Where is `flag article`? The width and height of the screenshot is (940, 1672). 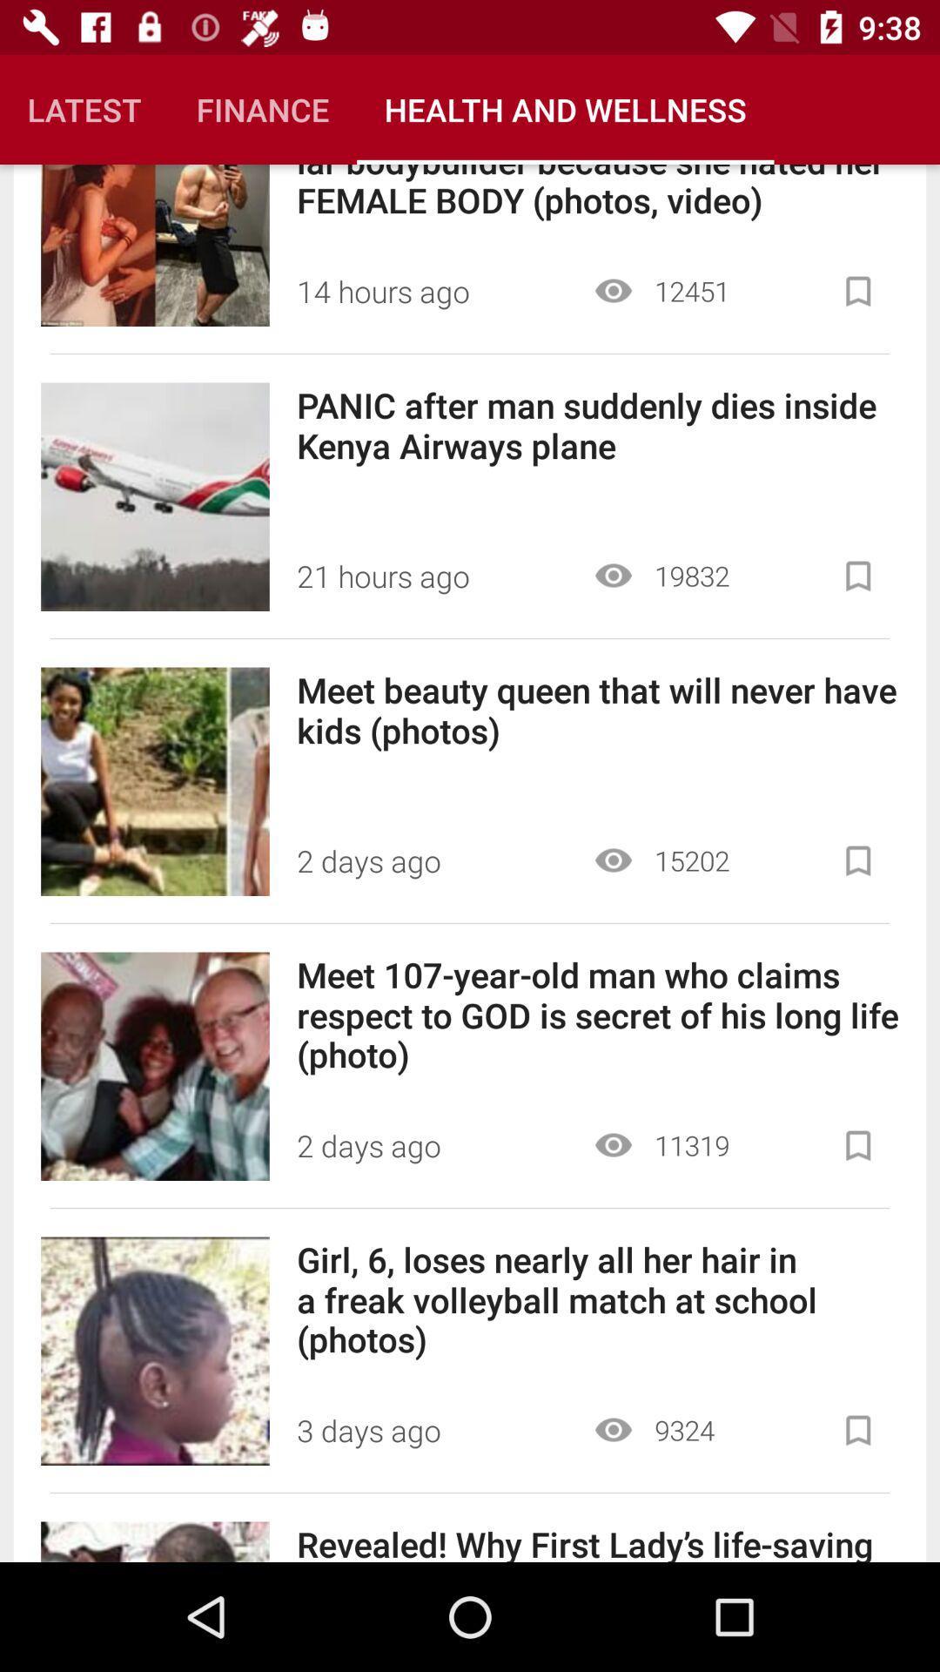
flag article is located at coordinates (857, 291).